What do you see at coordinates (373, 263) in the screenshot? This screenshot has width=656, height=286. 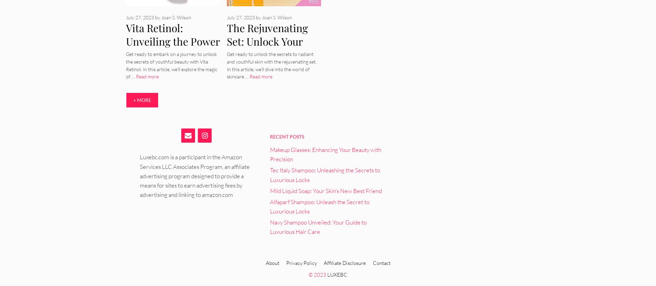 I see `'Contact'` at bounding box center [373, 263].